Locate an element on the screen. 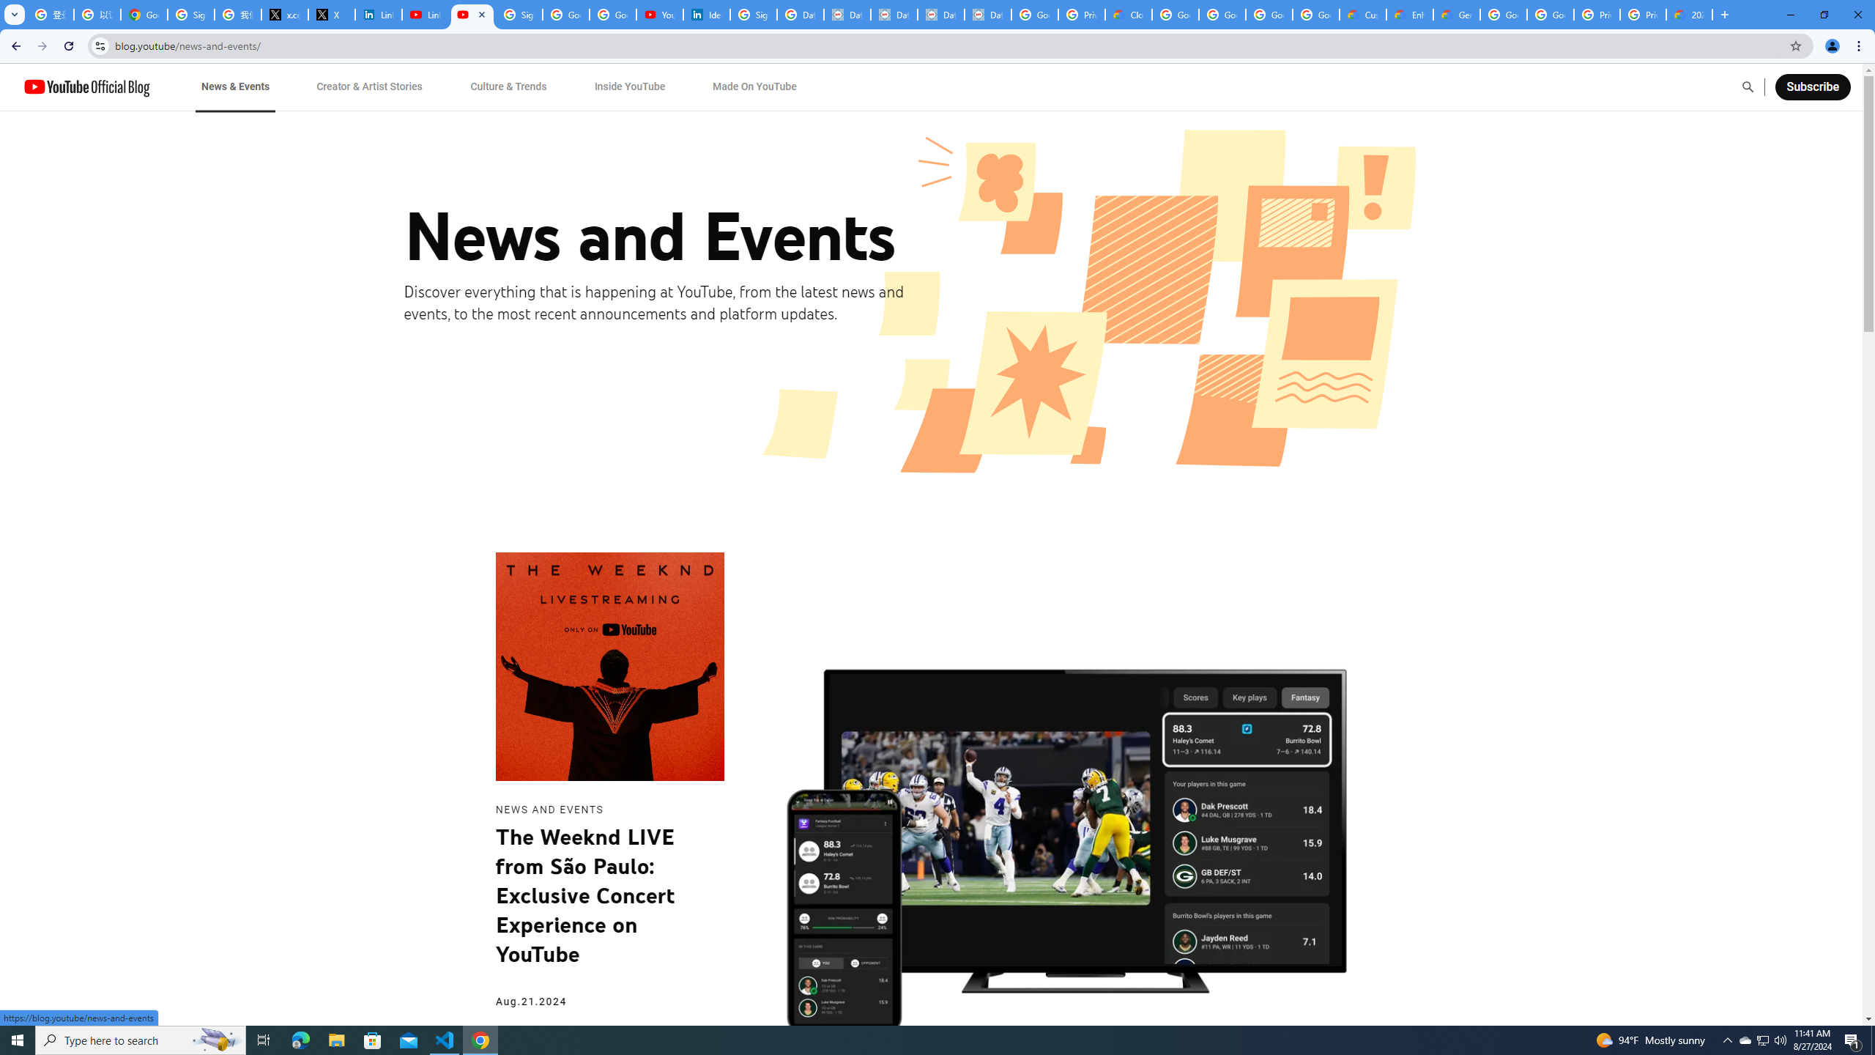 Image resolution: width=1875 pixels, height=1055 pixels. 'Inside YouTube' is located at coordinates (630, 86).